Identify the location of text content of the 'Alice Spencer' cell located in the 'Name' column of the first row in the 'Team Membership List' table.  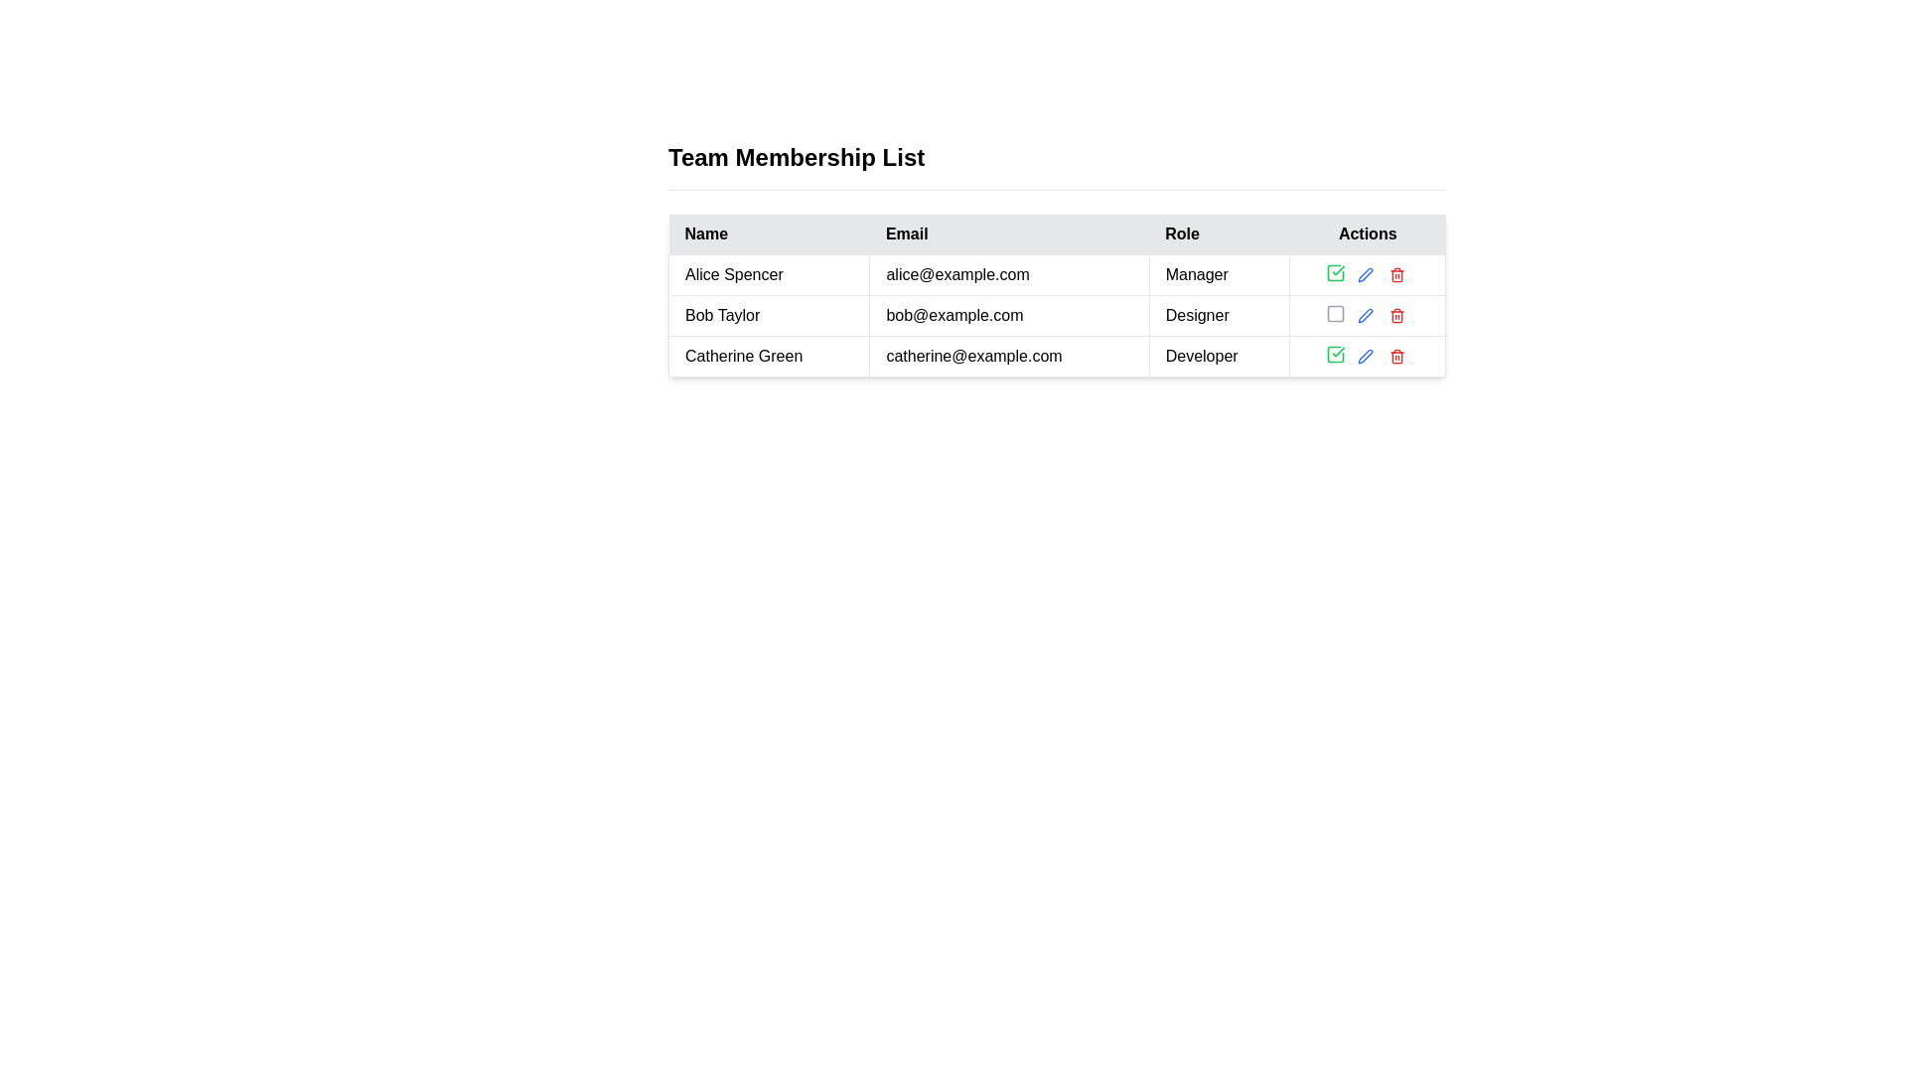
(768, 275).